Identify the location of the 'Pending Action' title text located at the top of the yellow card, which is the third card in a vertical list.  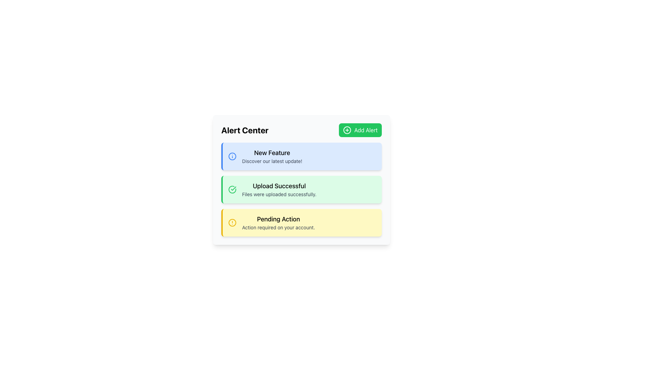
(278, 219).